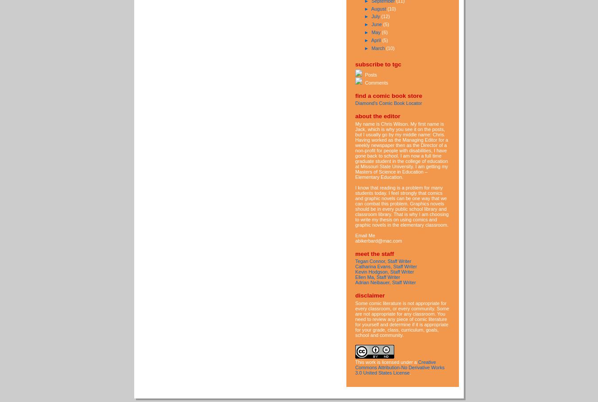 The image size is (598, 402). What do you see at coordinates (384, 32) in the screenshot?
I see `'(6)'` at bounding box center [384, 32].